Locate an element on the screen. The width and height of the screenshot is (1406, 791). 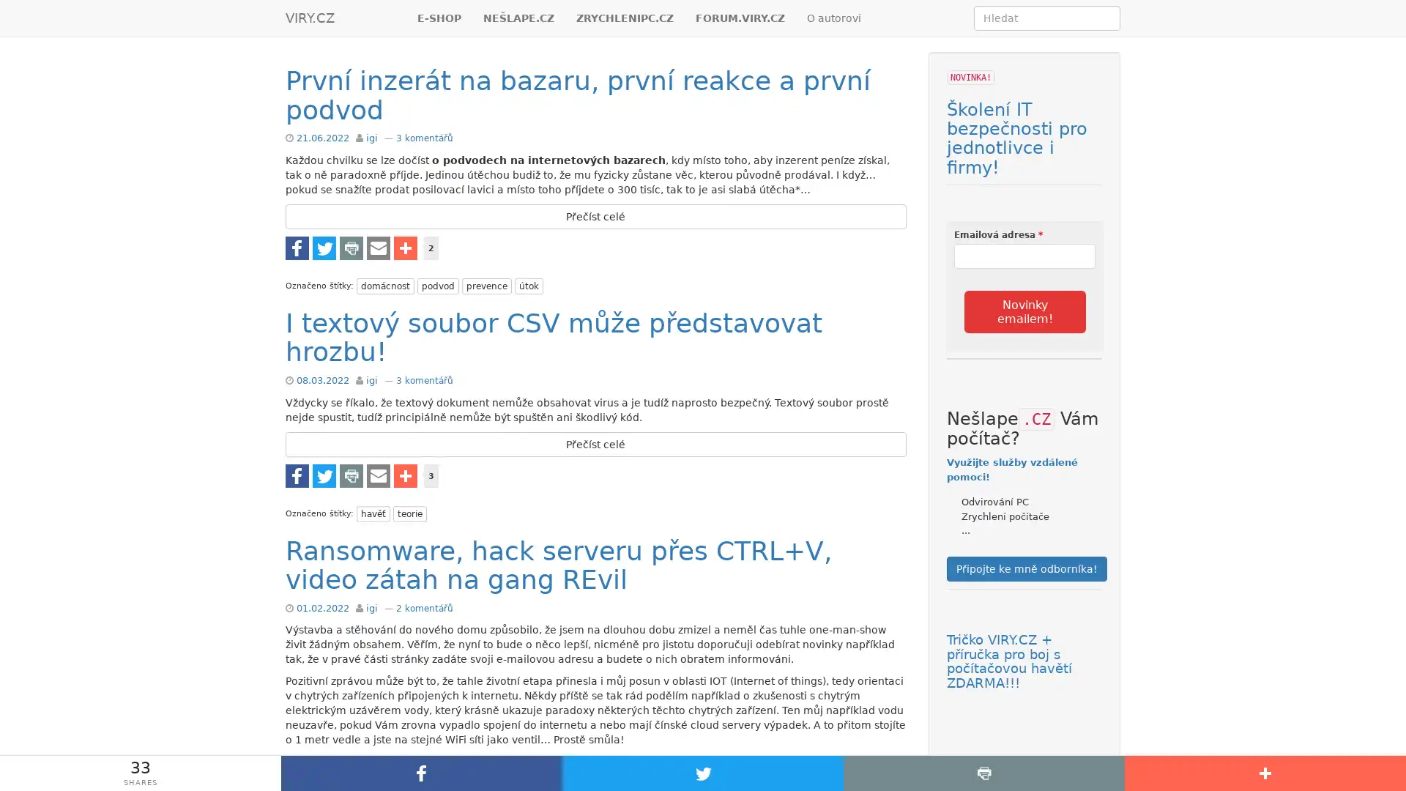
Share to Facebook is located at coordinates (297, 475).